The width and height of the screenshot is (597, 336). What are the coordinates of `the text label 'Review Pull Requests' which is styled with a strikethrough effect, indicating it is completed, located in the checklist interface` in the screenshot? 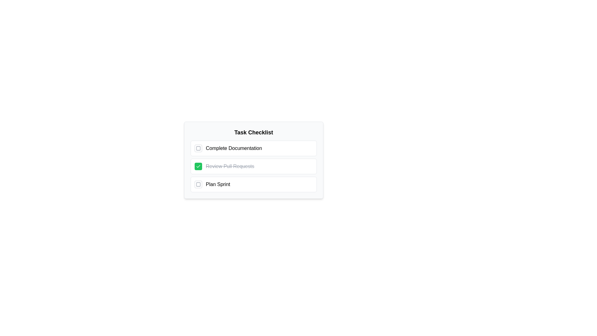 It's located at (229, 166).